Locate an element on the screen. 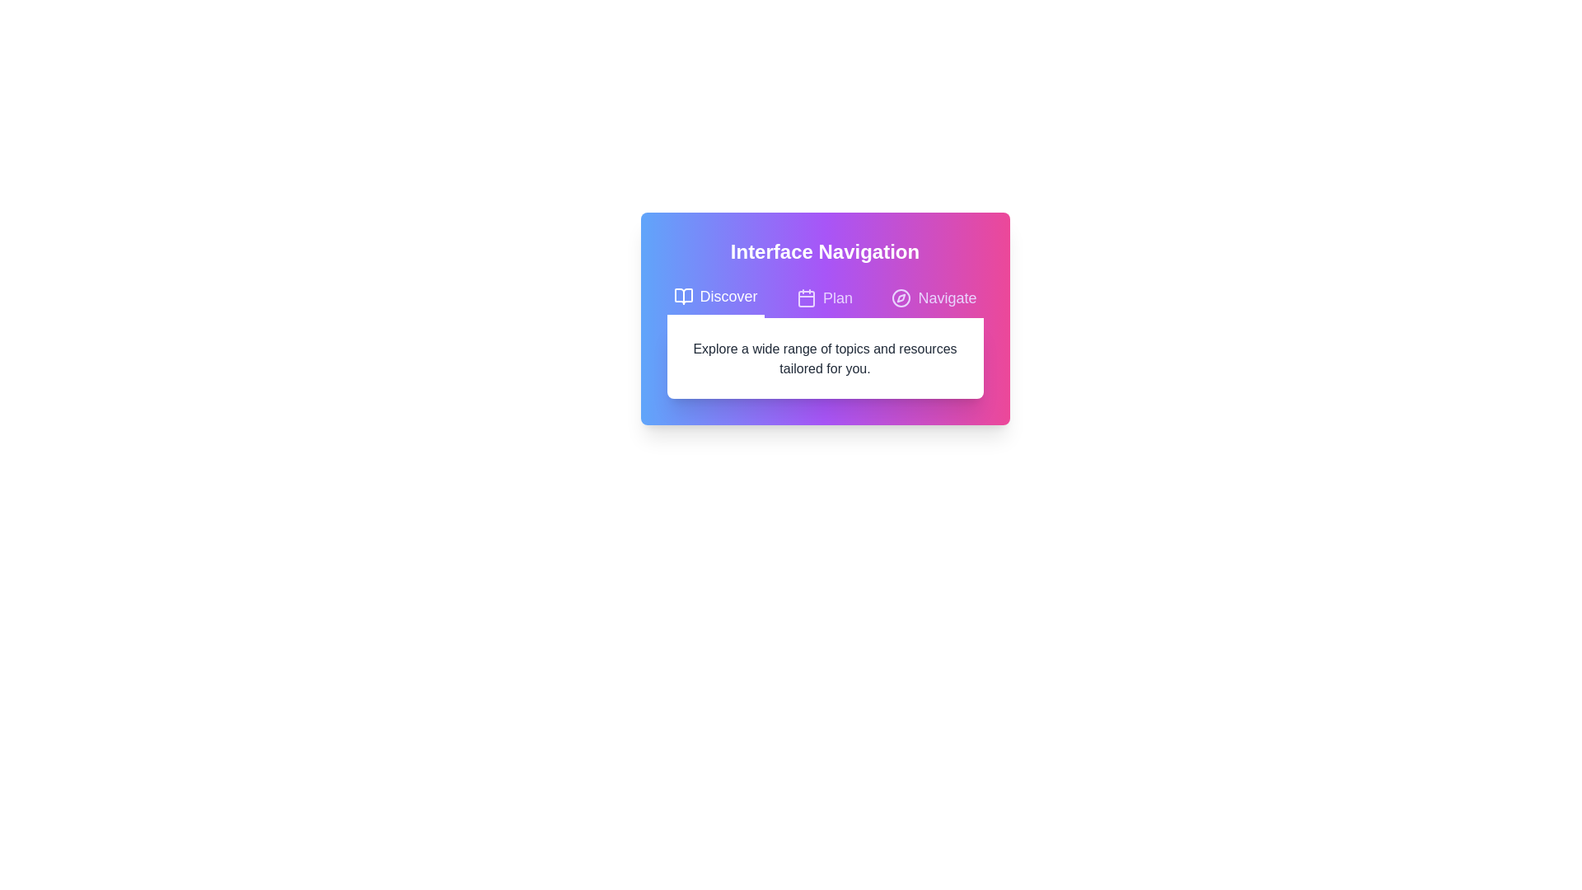  the small open book icon located to the left of the 'Discover' text in the tabbed navigation interface is located at coordinates (683, 295).